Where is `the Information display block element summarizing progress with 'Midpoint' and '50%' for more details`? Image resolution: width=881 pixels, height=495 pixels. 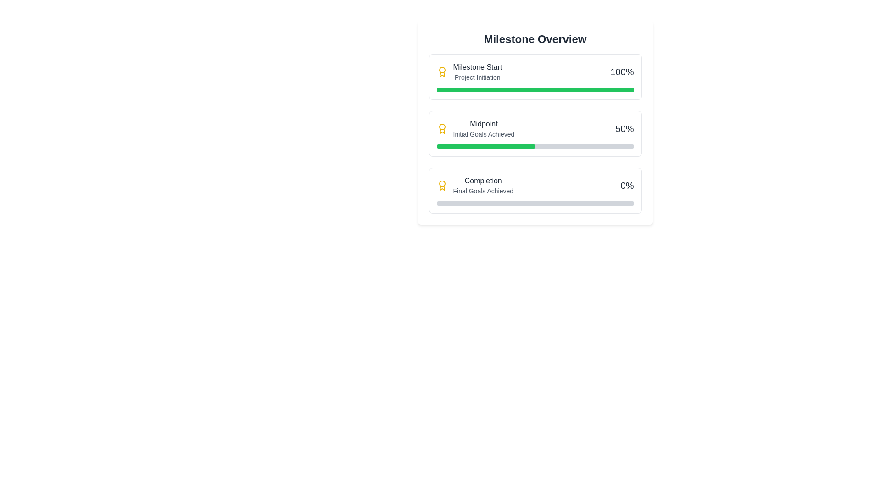
the Information display block element summarizing progress with 'Midpoint' and '50%' for more details is located at coordinates (535, 129).